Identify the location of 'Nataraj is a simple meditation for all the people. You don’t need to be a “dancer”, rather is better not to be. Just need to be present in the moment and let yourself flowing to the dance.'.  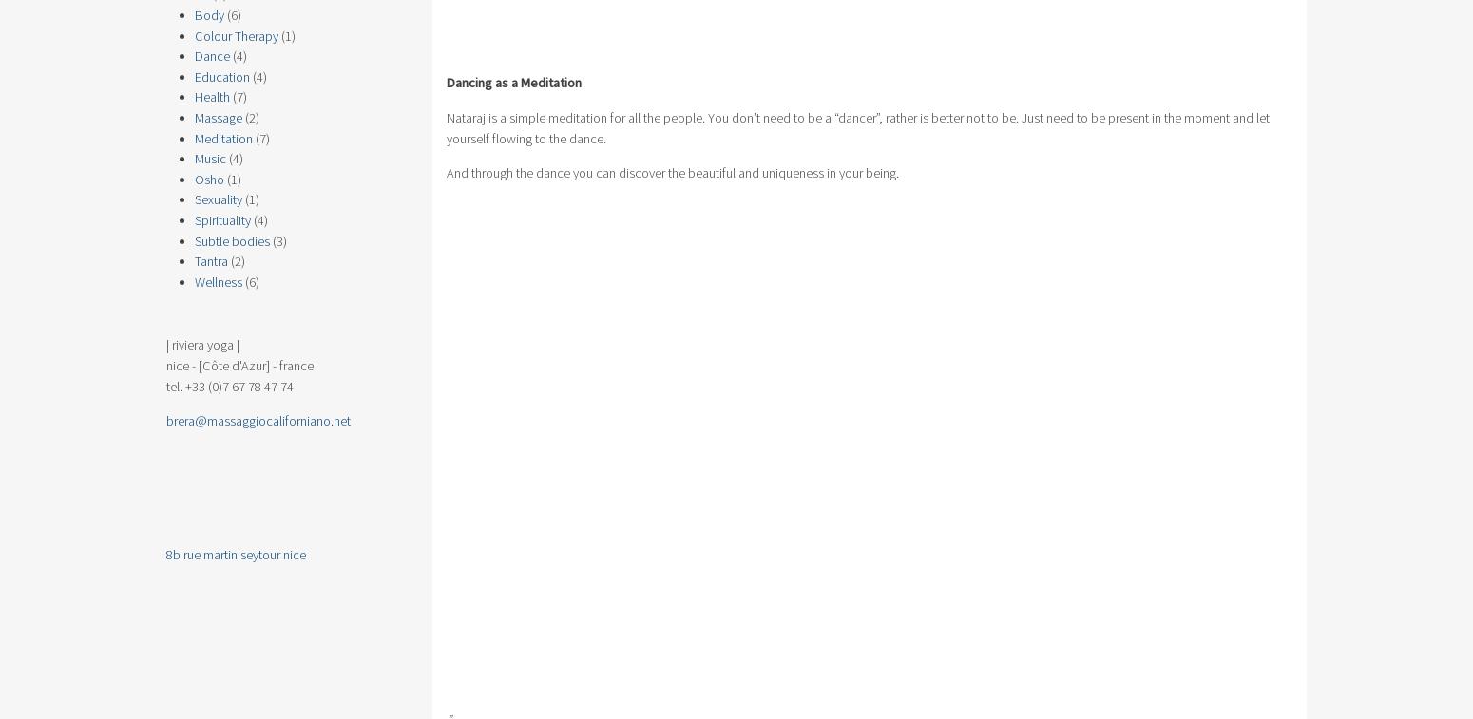
(858, 126).